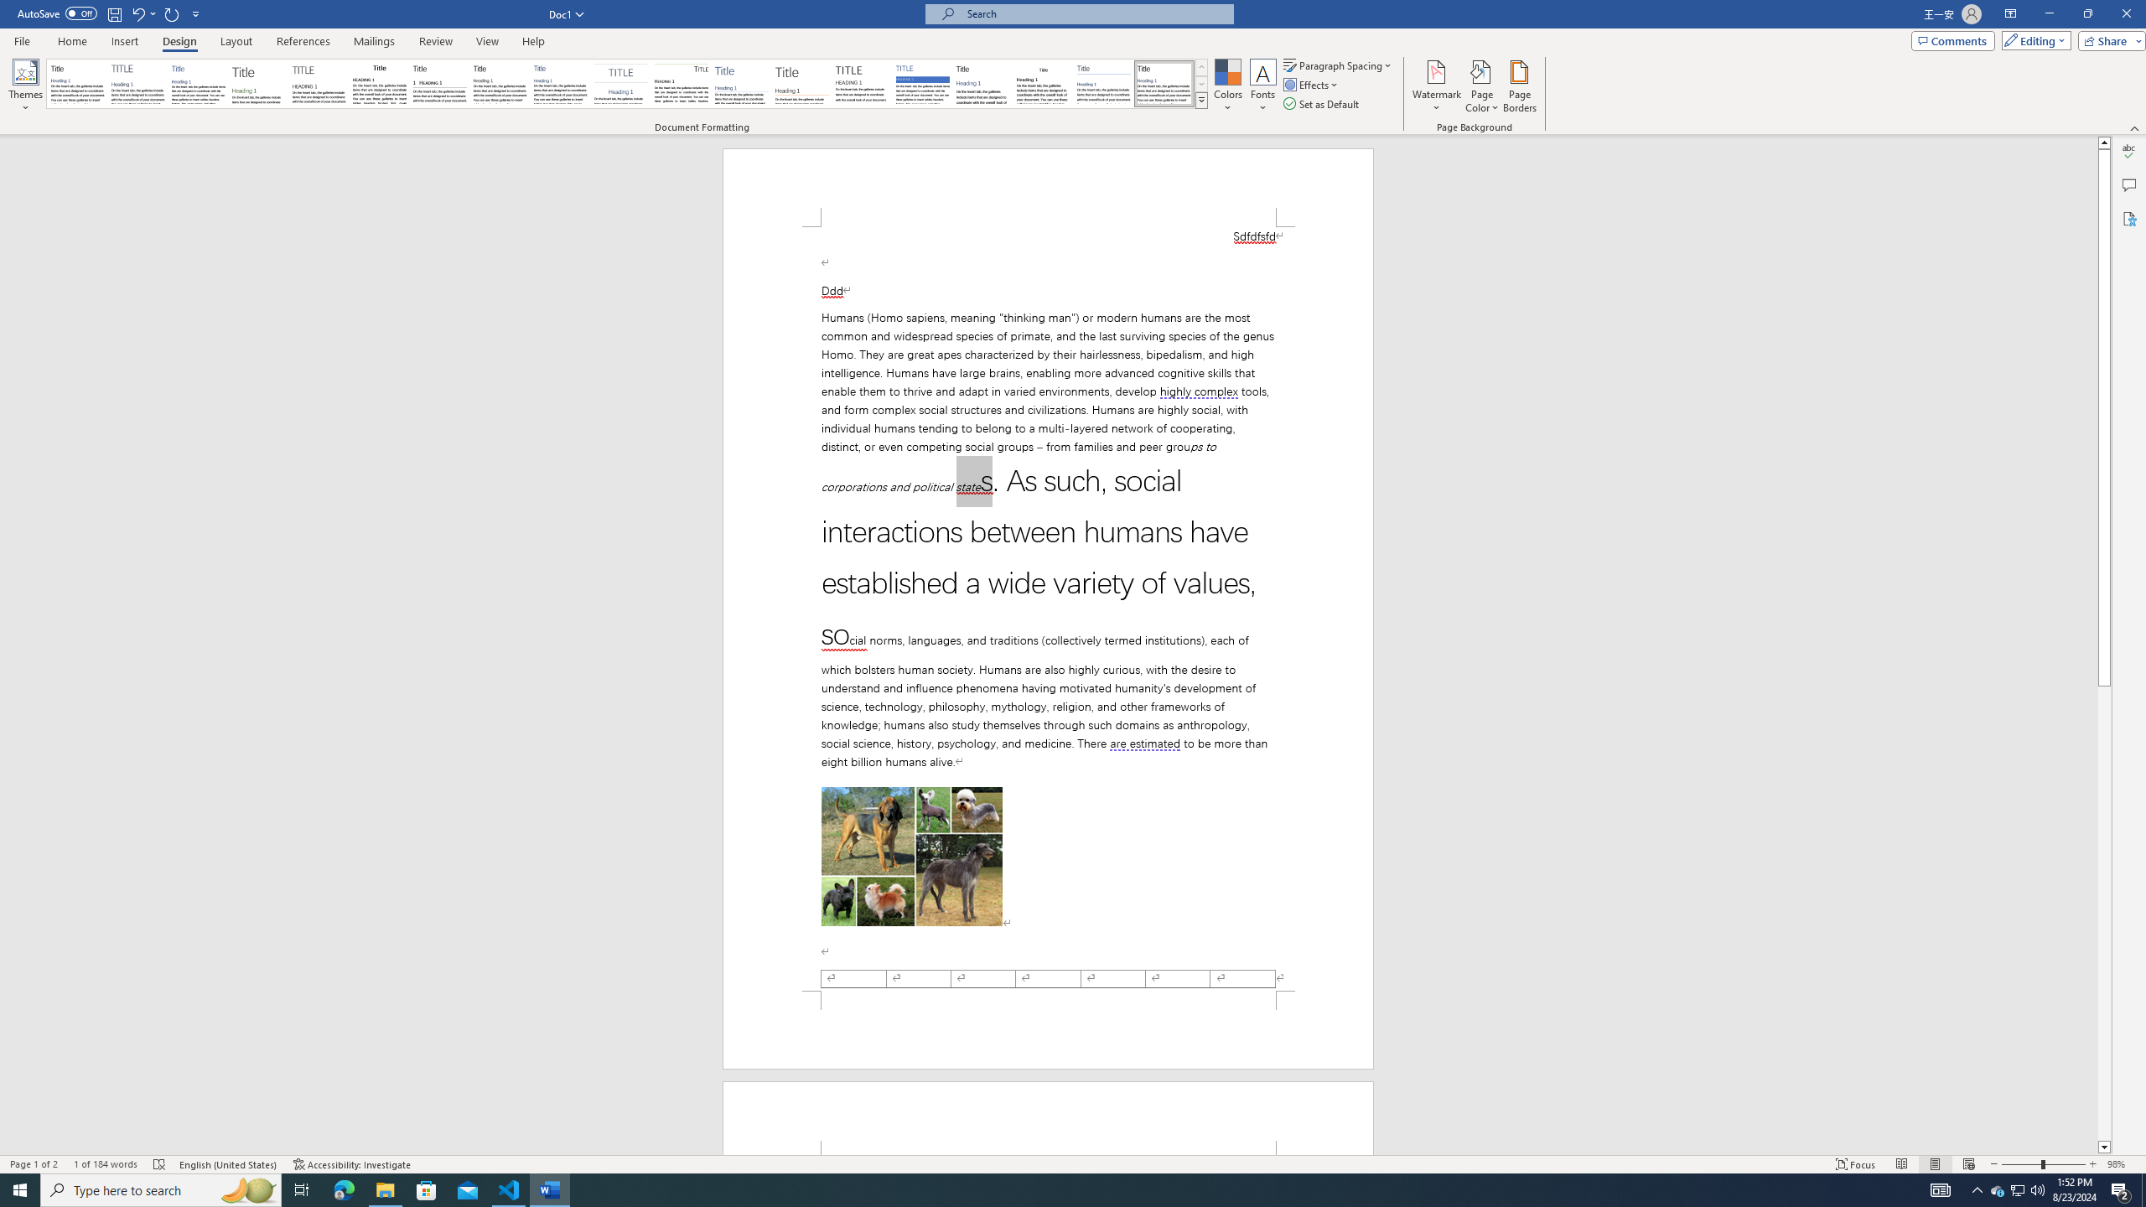  I want to click on 'Set as Default', so click(1322, 102).